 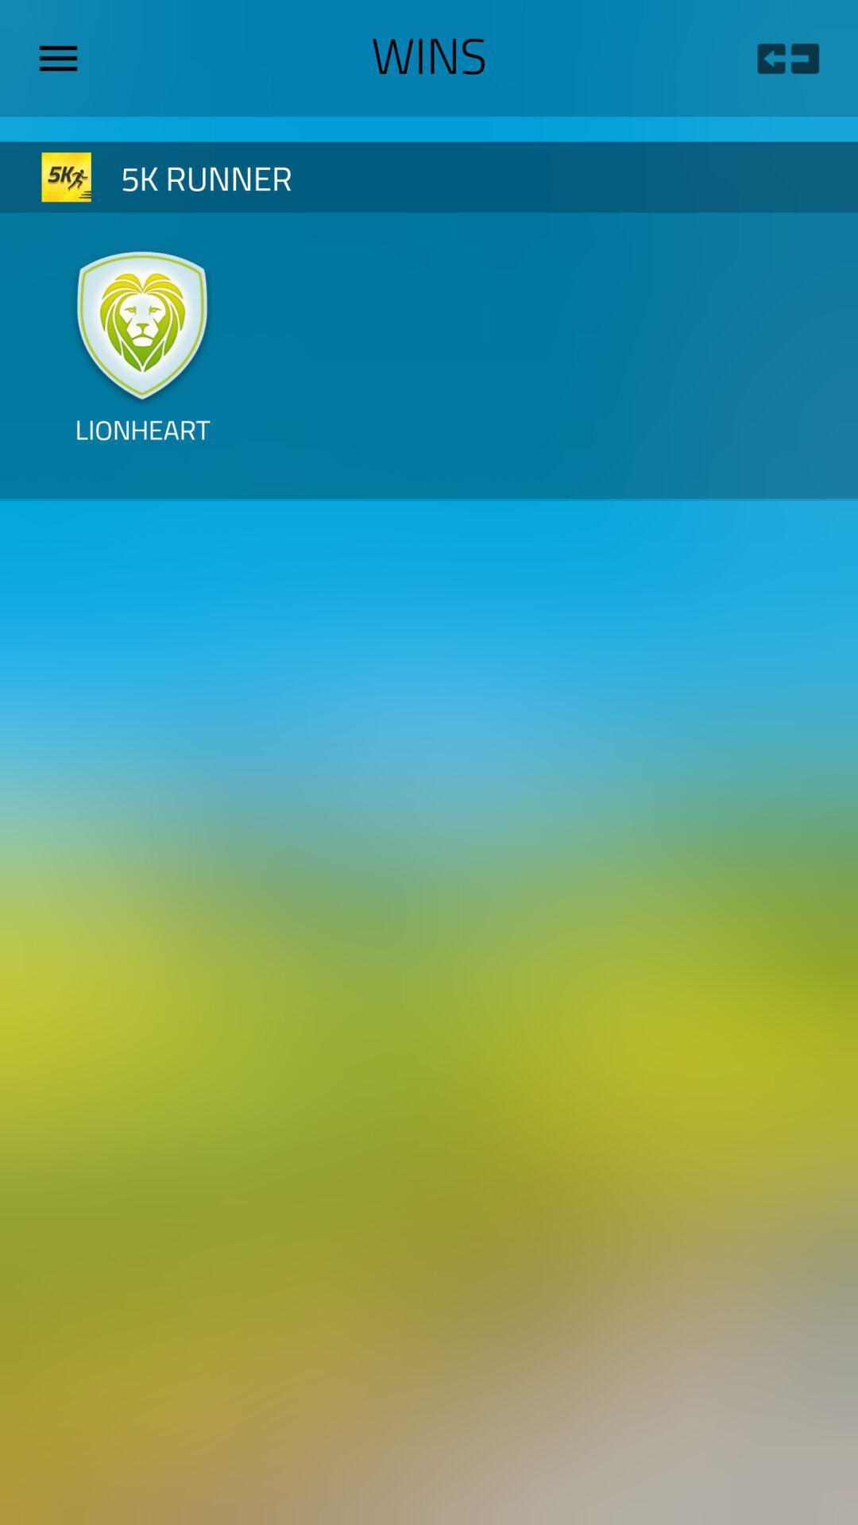 I want to click on menu option, so click(x=64, y=58).